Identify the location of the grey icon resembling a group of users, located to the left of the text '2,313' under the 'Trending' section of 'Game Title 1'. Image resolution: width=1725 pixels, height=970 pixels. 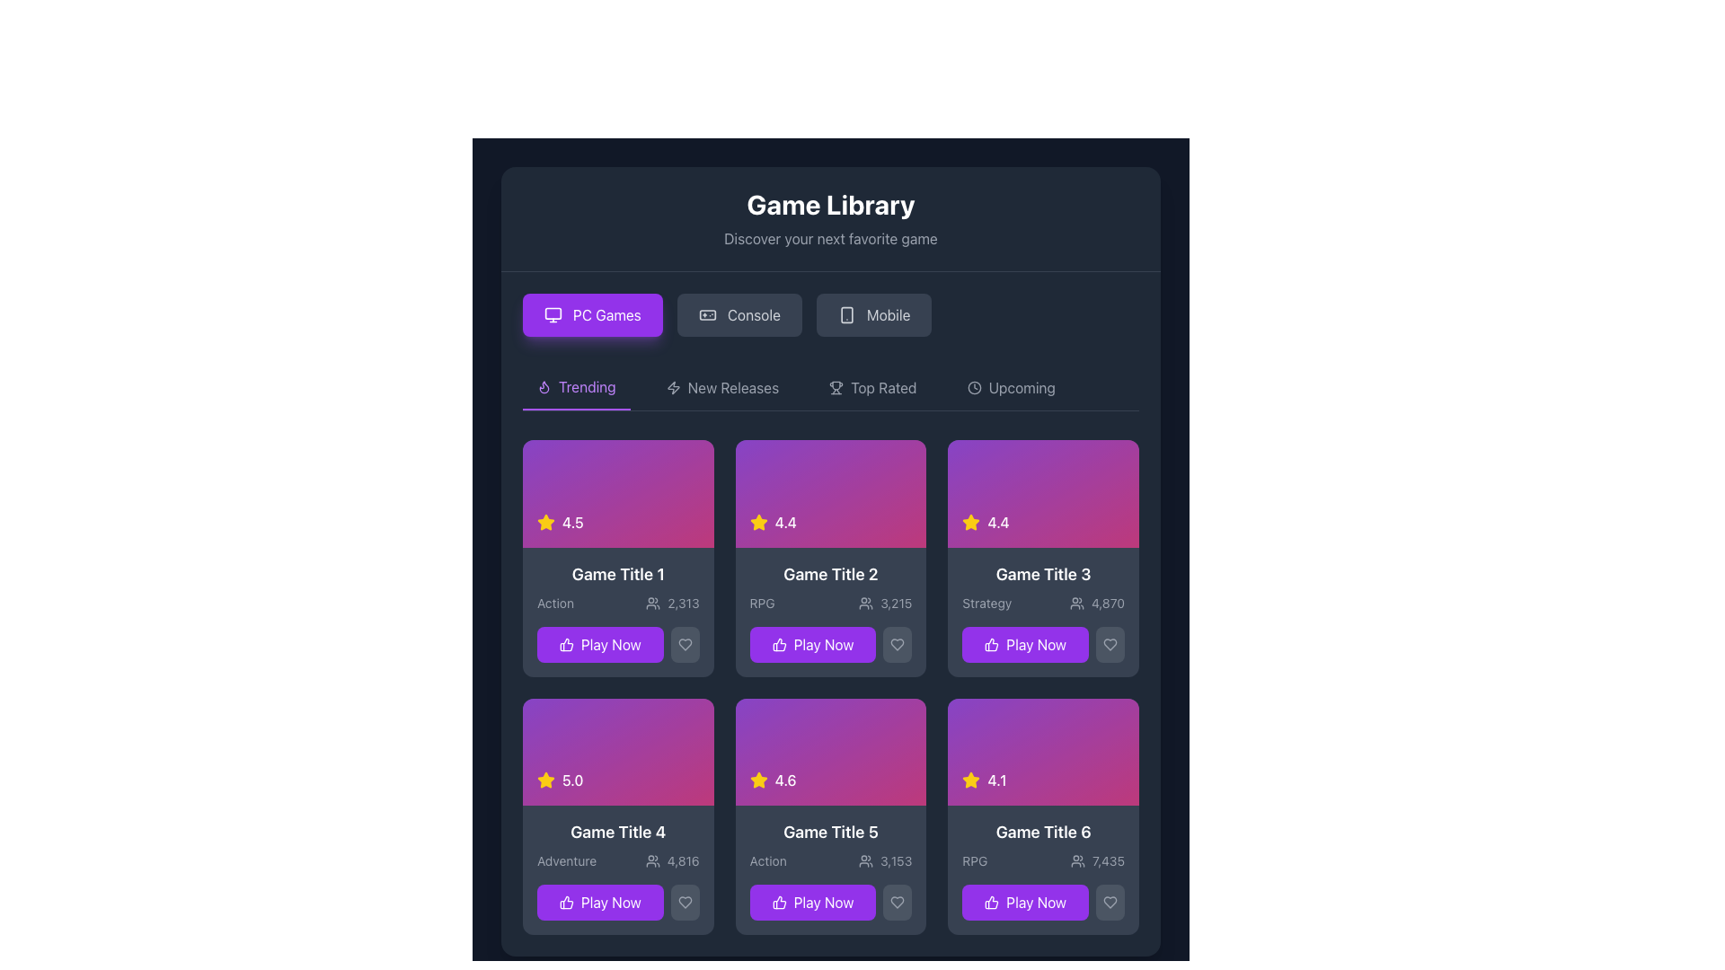
(652, 603).